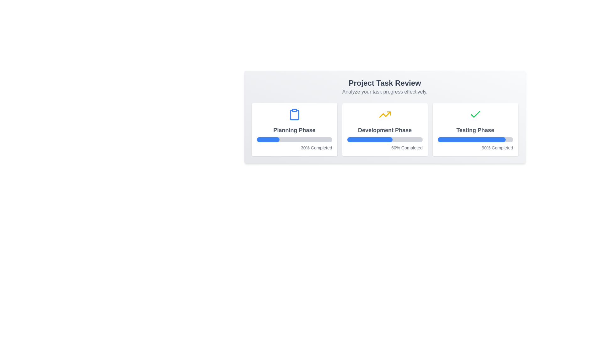 The image size is (603, 339). I want to click on the progress visually by focusing on the progress indicator located in the central card of the 'Project Task Review' section, which shows that the 'Development Phase' task is 60% completed, so click(384, 139).